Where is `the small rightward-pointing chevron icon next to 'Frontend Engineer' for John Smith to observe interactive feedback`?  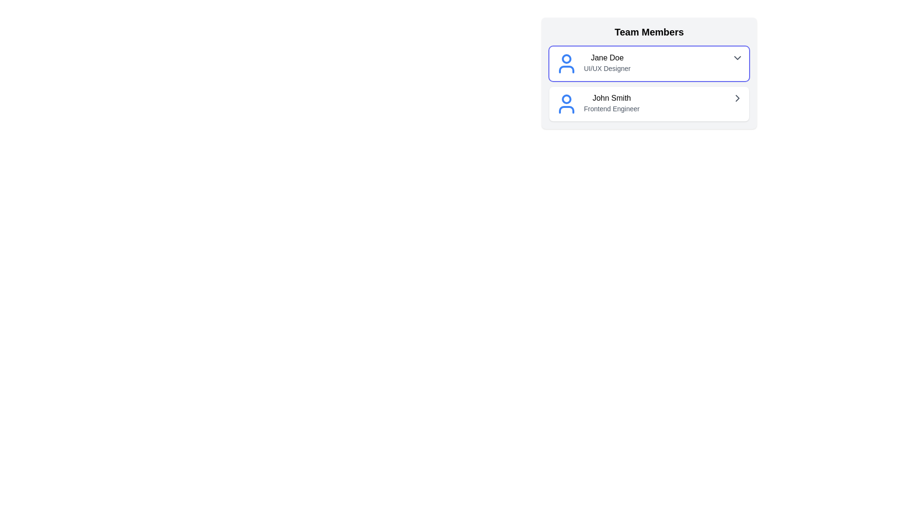 the small rightward-pointing chevron icon next to 'Frontend Engineer' for John Smith to observe interactive feedback is located at coordinates (737, 98).